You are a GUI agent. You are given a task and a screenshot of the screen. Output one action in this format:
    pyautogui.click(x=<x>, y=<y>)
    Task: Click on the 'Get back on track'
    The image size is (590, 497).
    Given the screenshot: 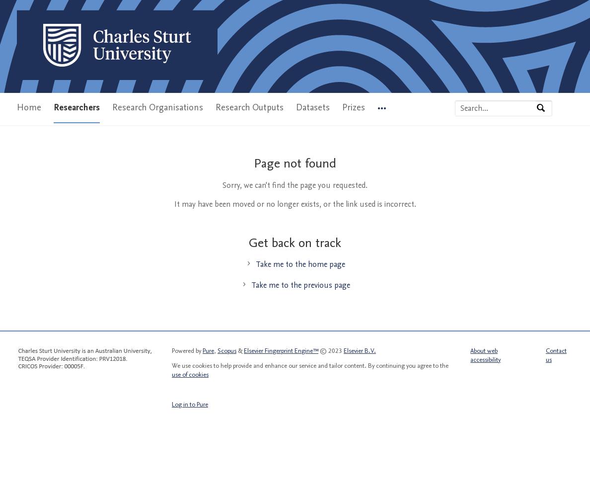 What is the action you would take?
    pyautogui.click(x=295, y=242)
    